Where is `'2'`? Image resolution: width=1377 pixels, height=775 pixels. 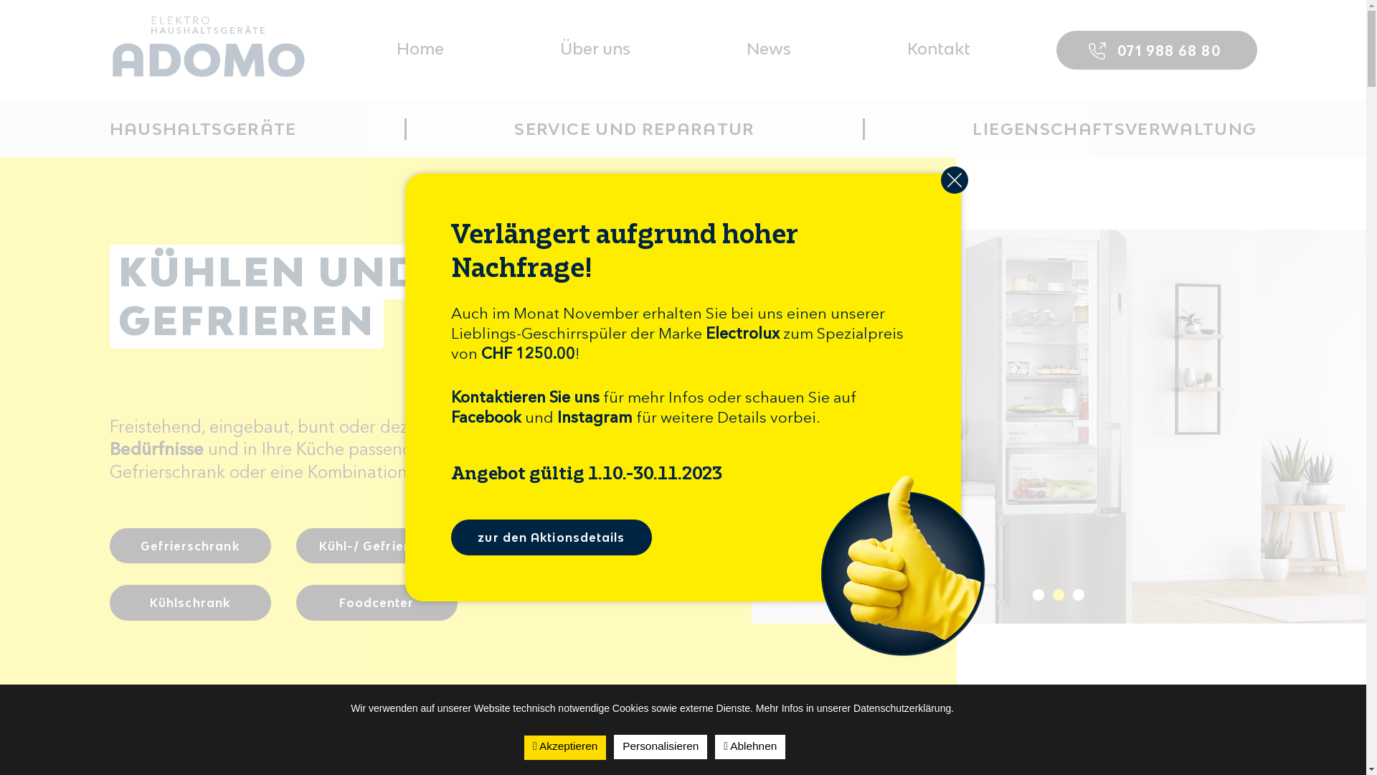 '2' is located at coordinates (1053, 595).